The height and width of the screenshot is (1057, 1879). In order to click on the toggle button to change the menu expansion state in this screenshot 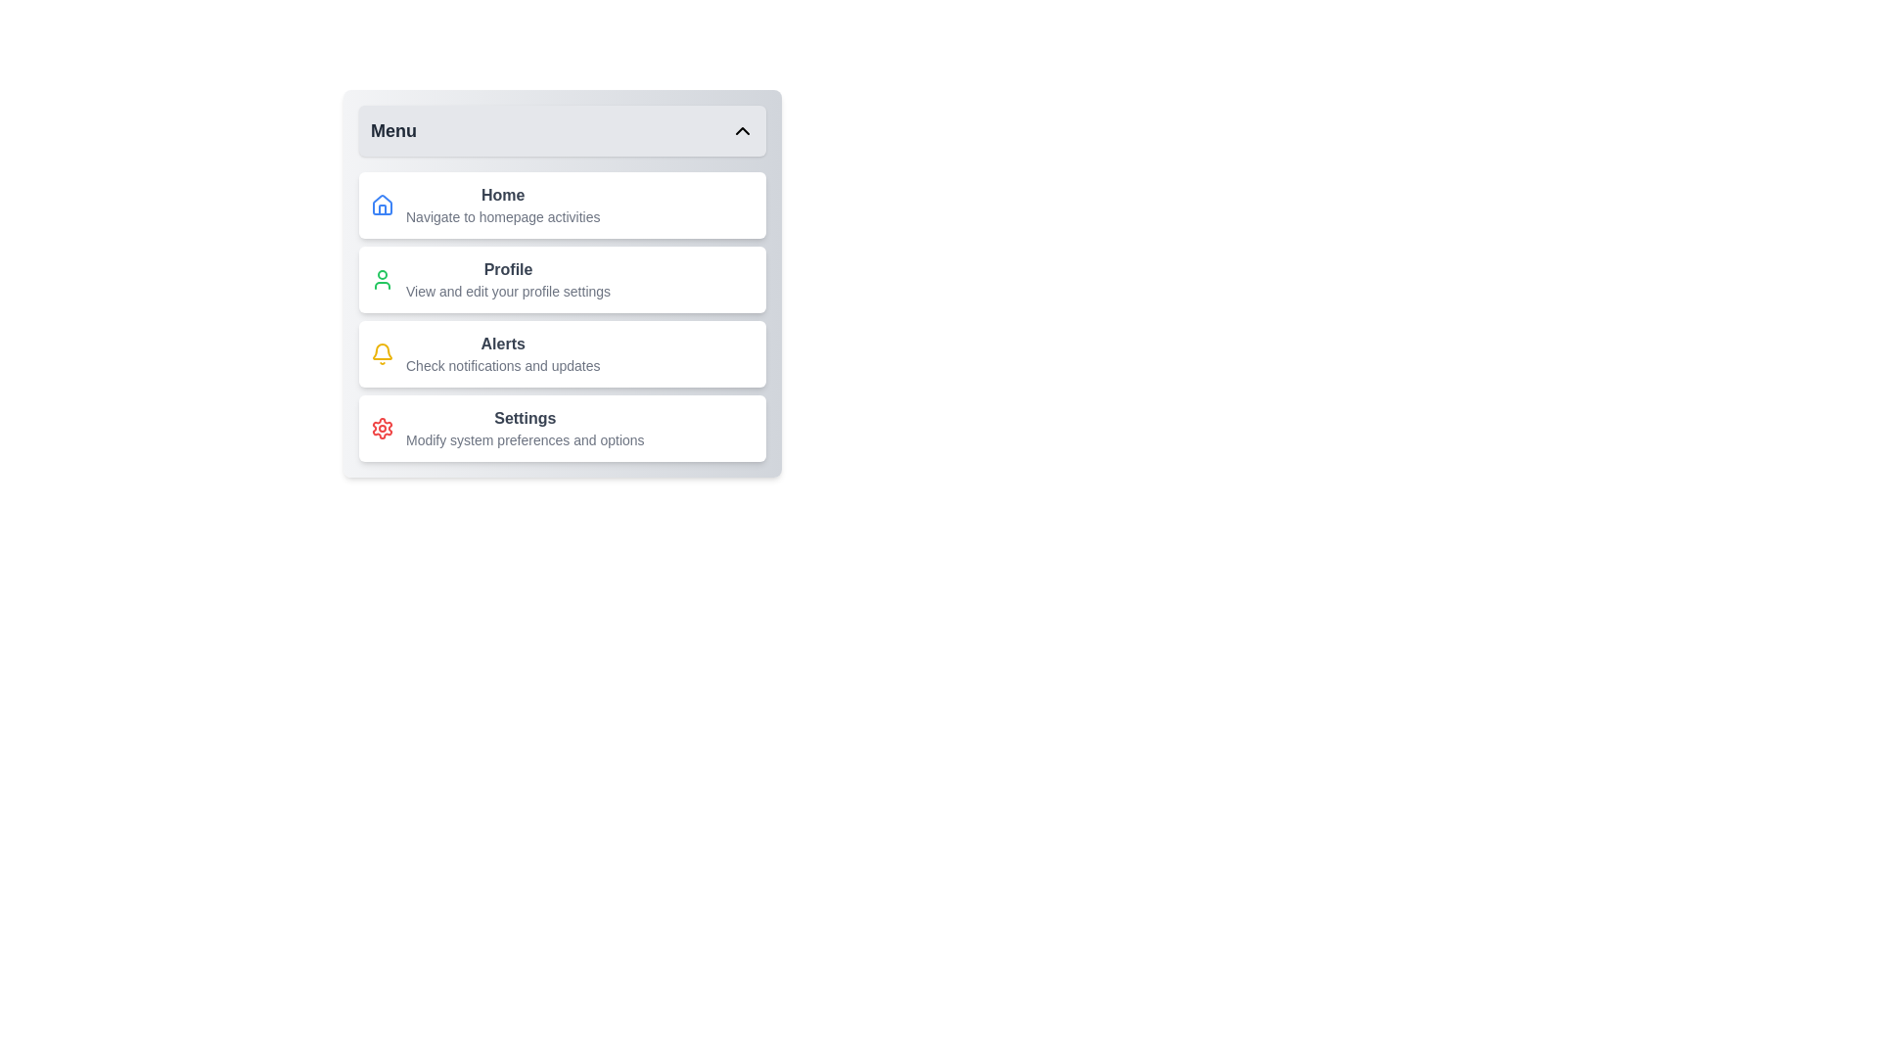, I will do `click(562, 131)`.